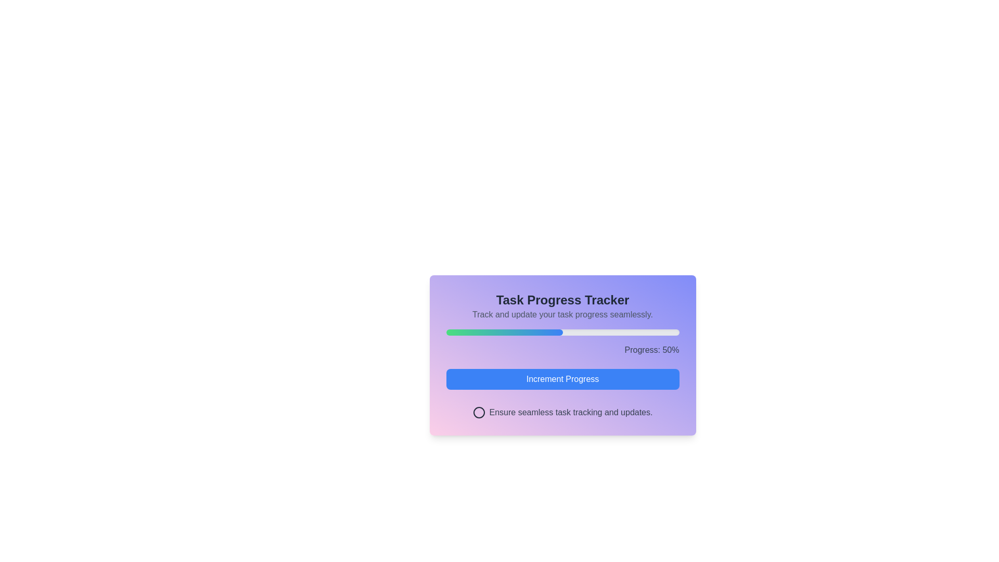 The height and width of the screenshot is (562, 999). Describe the element at coordinates (504, 333) in the screenshot. I see `the progress indicator, which is a horizontal bar filled halfway with a gradient from green to blue, located at the center of the interface` at that location.